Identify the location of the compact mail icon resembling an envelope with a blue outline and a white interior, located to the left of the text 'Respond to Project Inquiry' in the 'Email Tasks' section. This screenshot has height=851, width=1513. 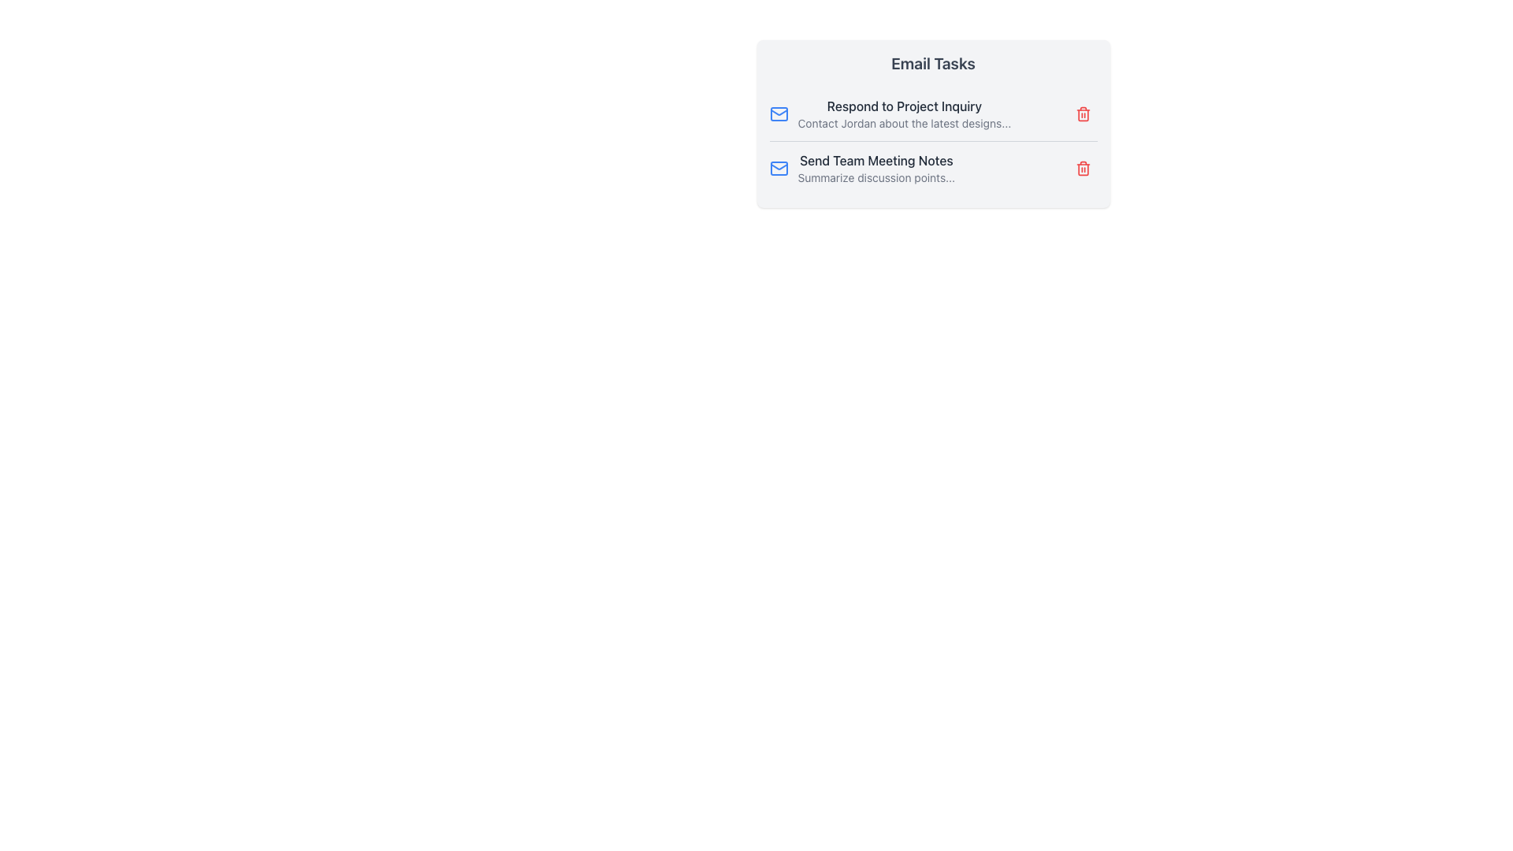
(779, 113).